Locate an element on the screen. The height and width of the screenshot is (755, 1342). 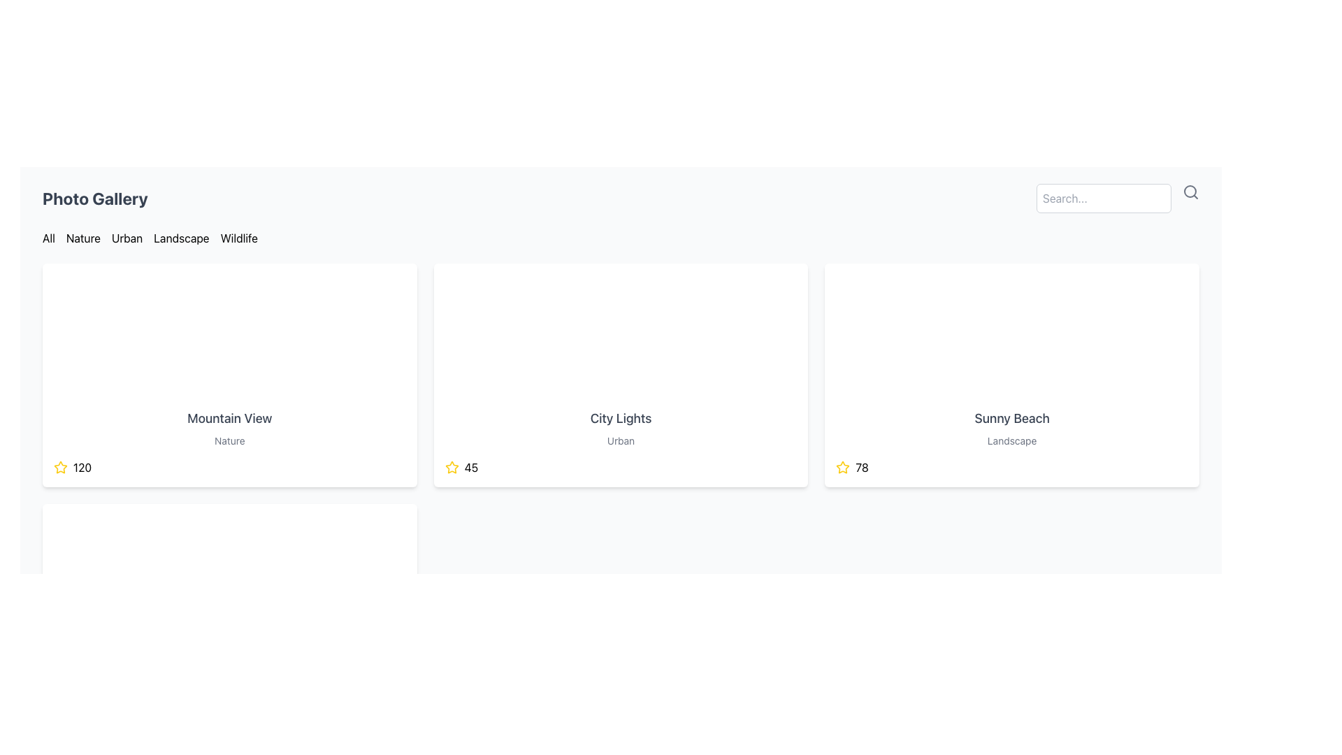
the fifth clickable text link in the horizontal navigation menu located beneath the 'Photo Gallery' title is located at coordinates (239, 237).